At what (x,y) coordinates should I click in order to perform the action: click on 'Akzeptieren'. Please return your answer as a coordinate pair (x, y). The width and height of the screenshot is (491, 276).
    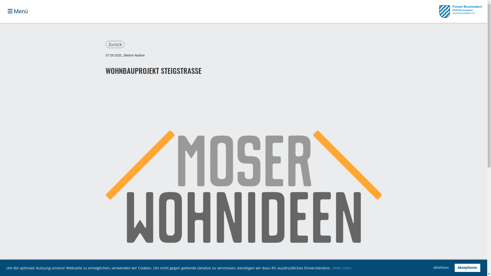
    Looking at the image, I should click on (467, 268).